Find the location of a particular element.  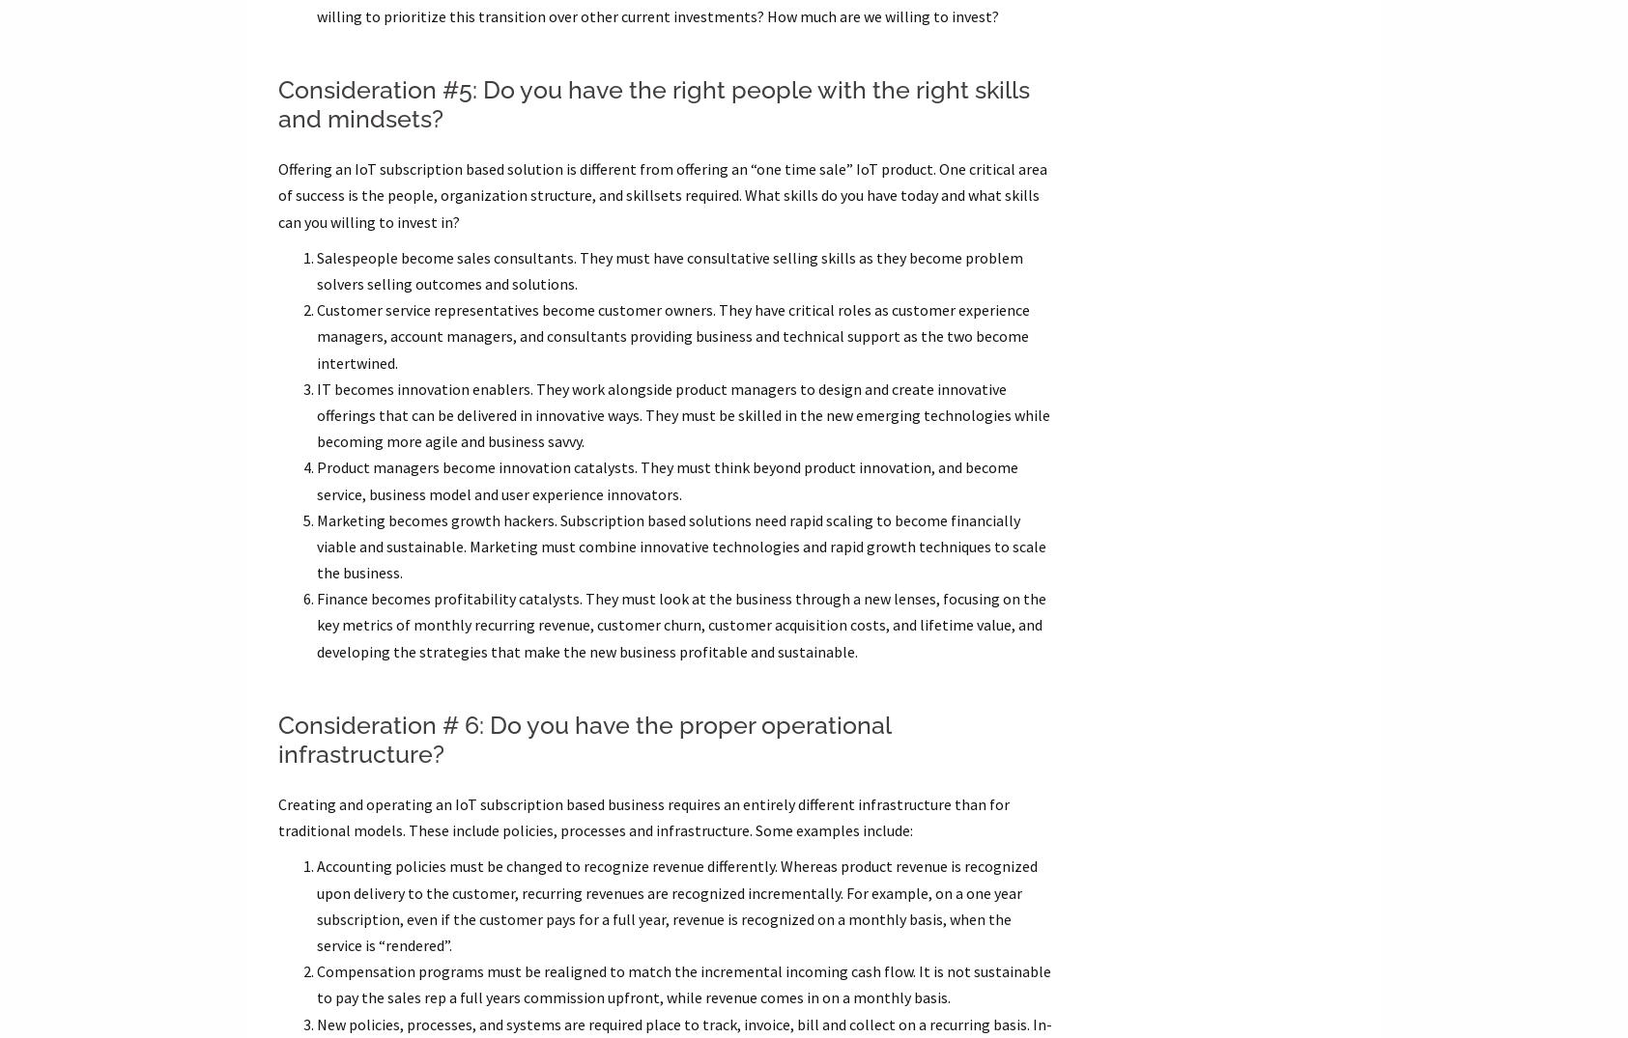

'Finance becomes profitability catalysts. They must look at the business through a new lenses, focusing on the key metrics of monthly recurring revenue, customer churn, customer acquisition costs, and lifetime value, and developing the strategies that make the new business profitable and sustainable.' is located at coordinates (679, 625).